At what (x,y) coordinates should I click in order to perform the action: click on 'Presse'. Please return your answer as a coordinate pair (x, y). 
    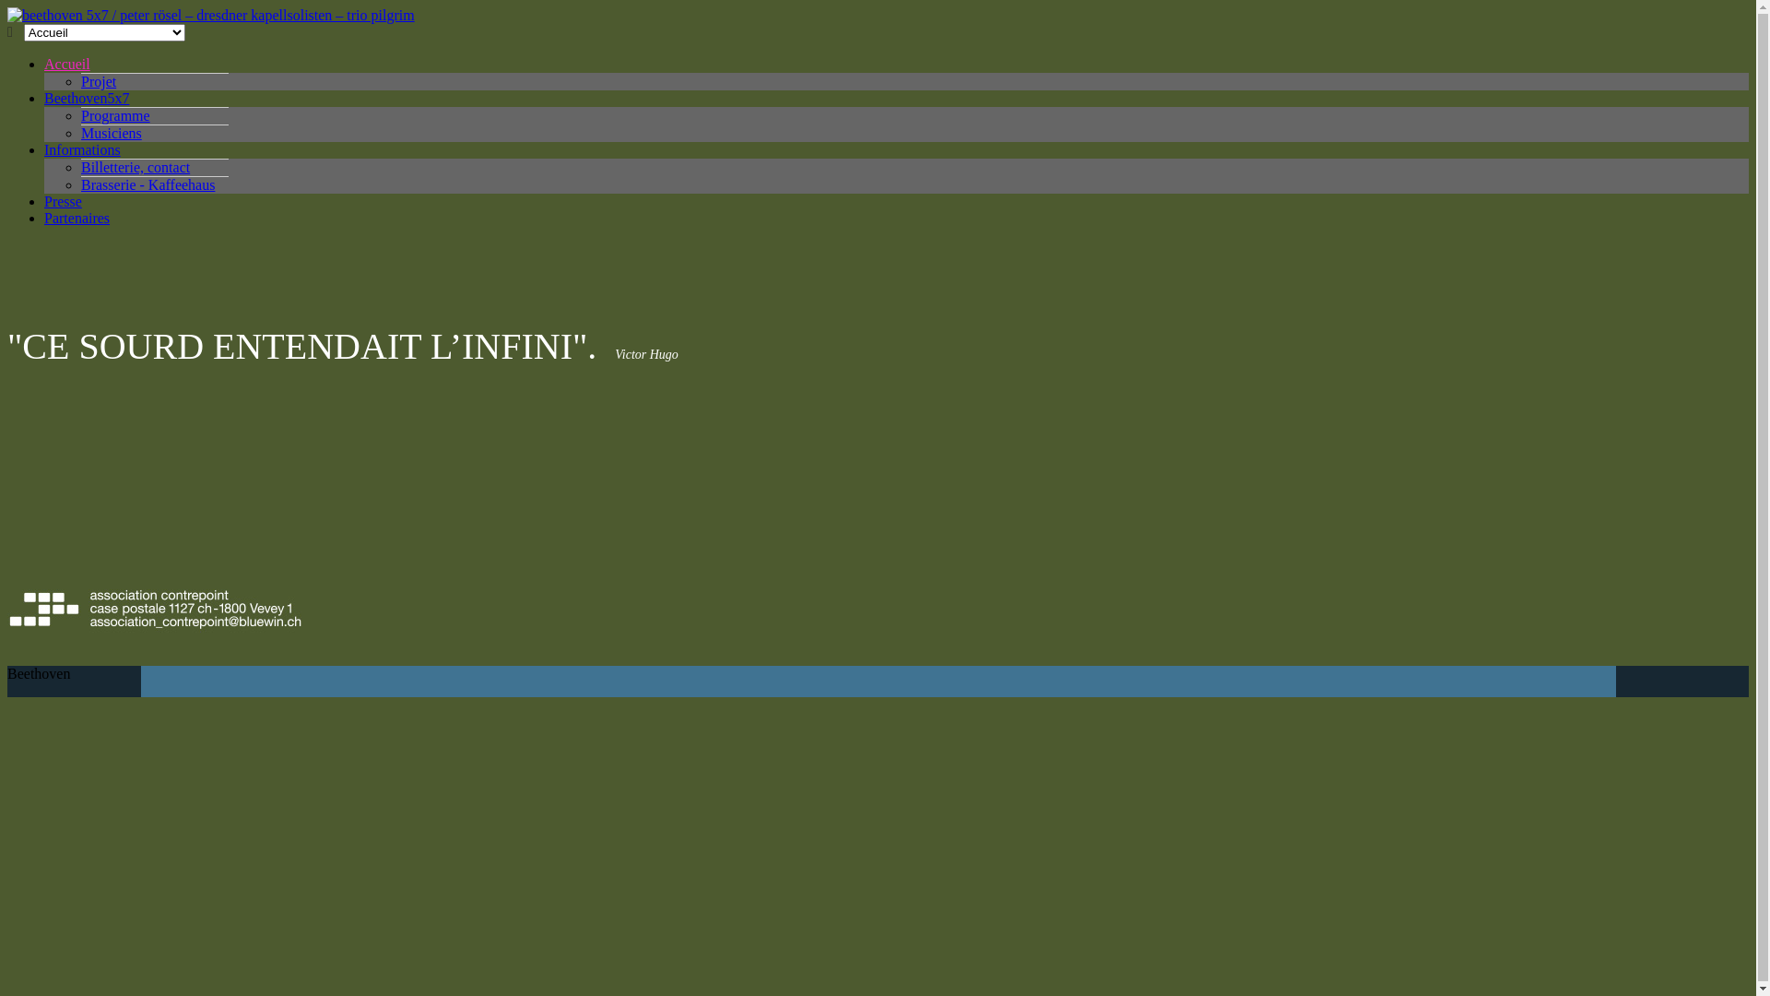
    Looking at the image, I should click on (44, 201).